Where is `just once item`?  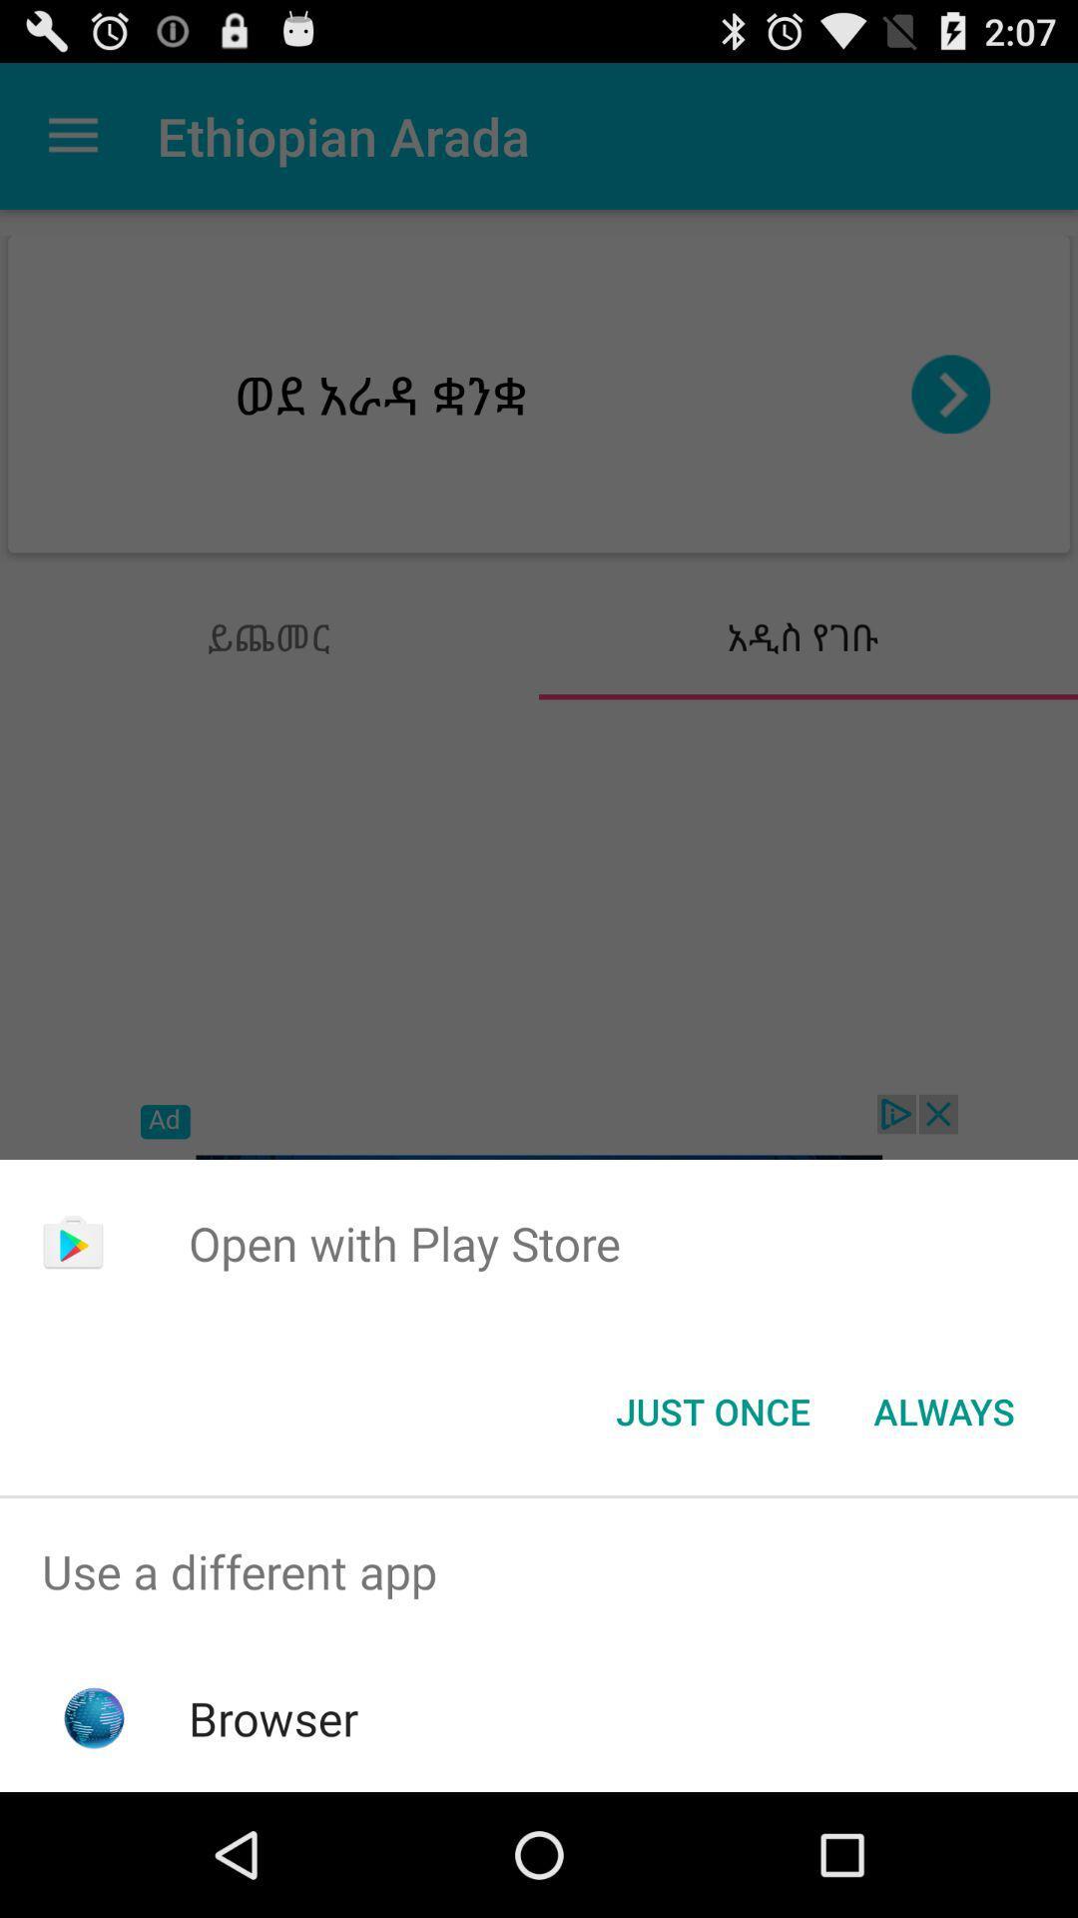
just once item is located at coordinates (712, 1410).